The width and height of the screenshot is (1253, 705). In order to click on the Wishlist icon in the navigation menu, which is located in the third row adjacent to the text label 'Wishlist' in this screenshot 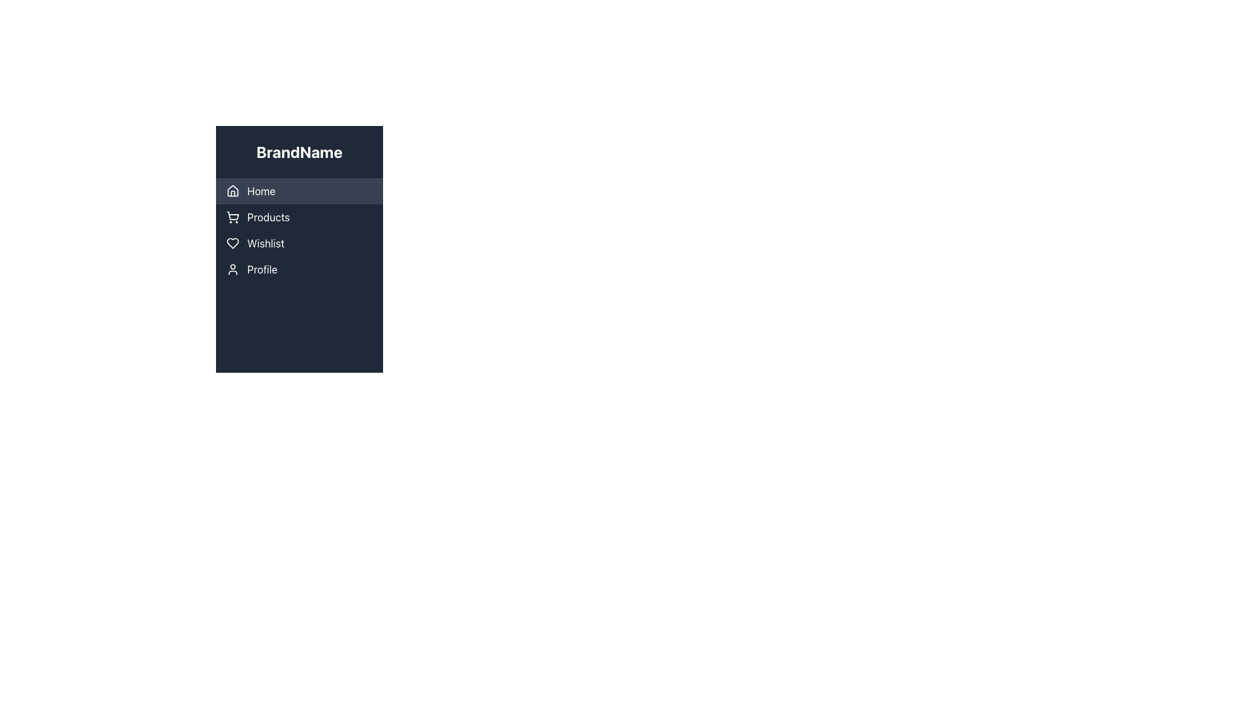, I will do `click(232, 243)`.